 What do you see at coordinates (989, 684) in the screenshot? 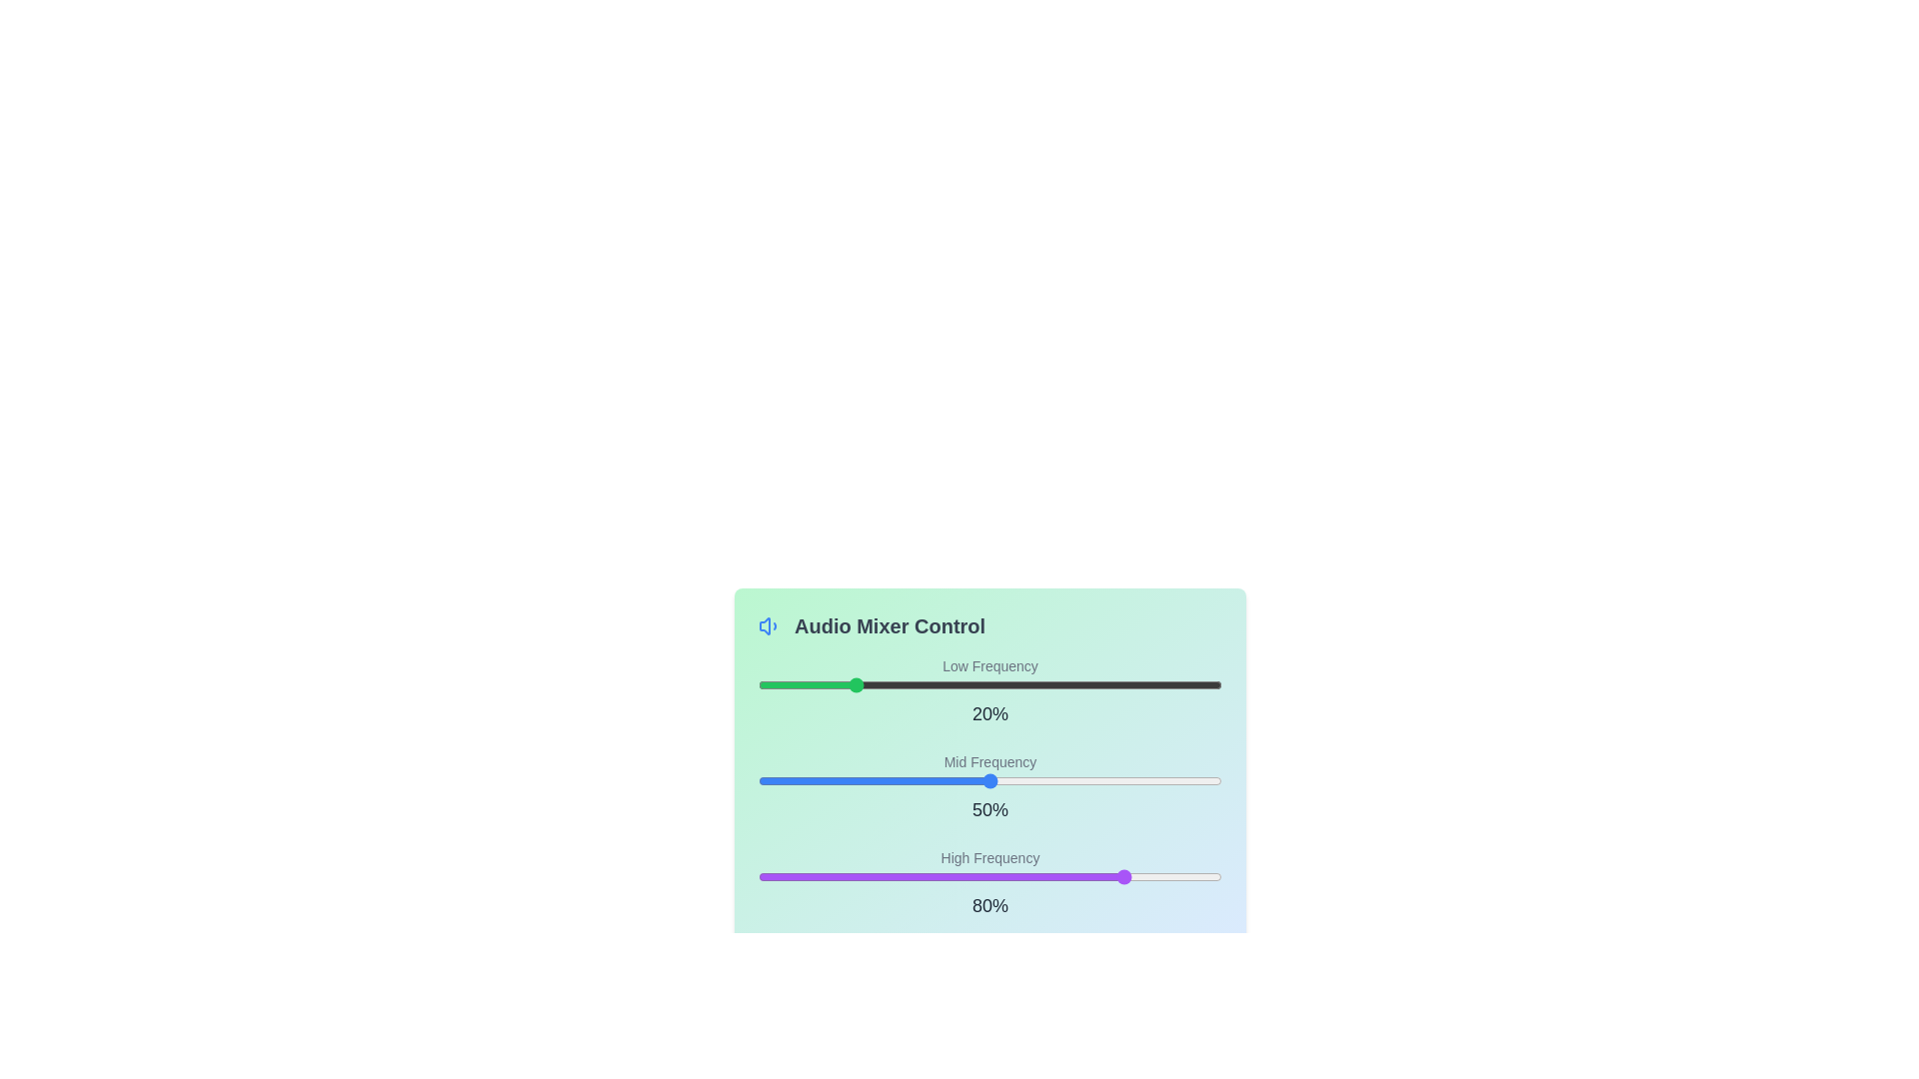
I see `the horizontal slider track located below the 'Low Frequency' label and above the '20%' text to move the green thumb` at bounding box center [989, 684].